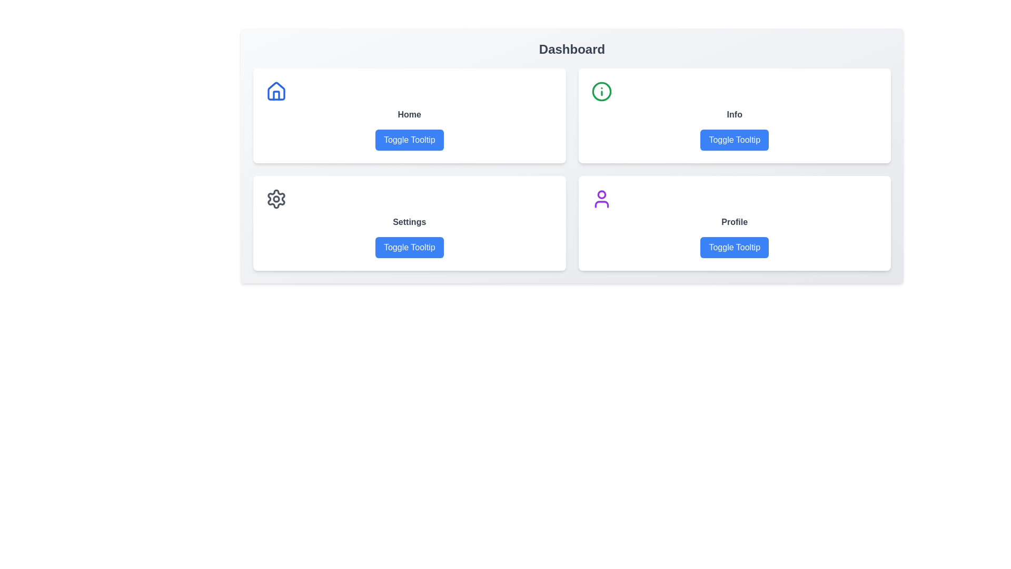 This screenshot has width=1011, height=569. I want to click on the circular informational SVG icon with a green stroke and 'i' symbol located in the top right quadrant of the user interface, adjacent to the 'Toggle Tooltip' button, so click(601, 91).